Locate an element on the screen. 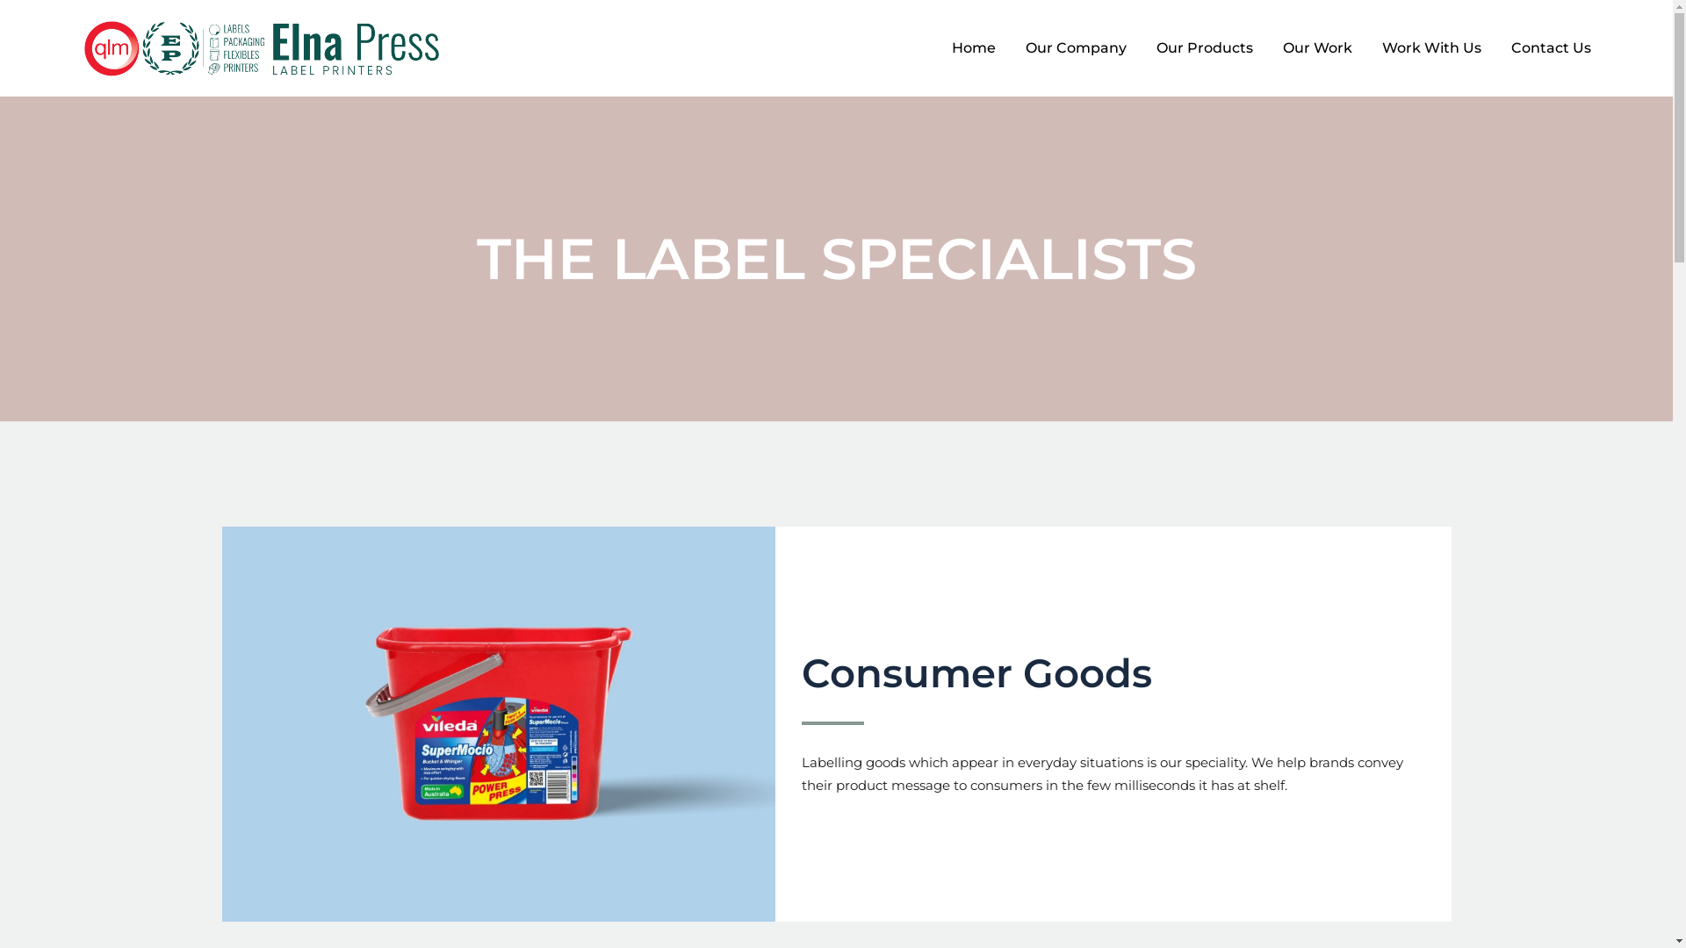  'Our Company' is located at coordinates (1075, 47).